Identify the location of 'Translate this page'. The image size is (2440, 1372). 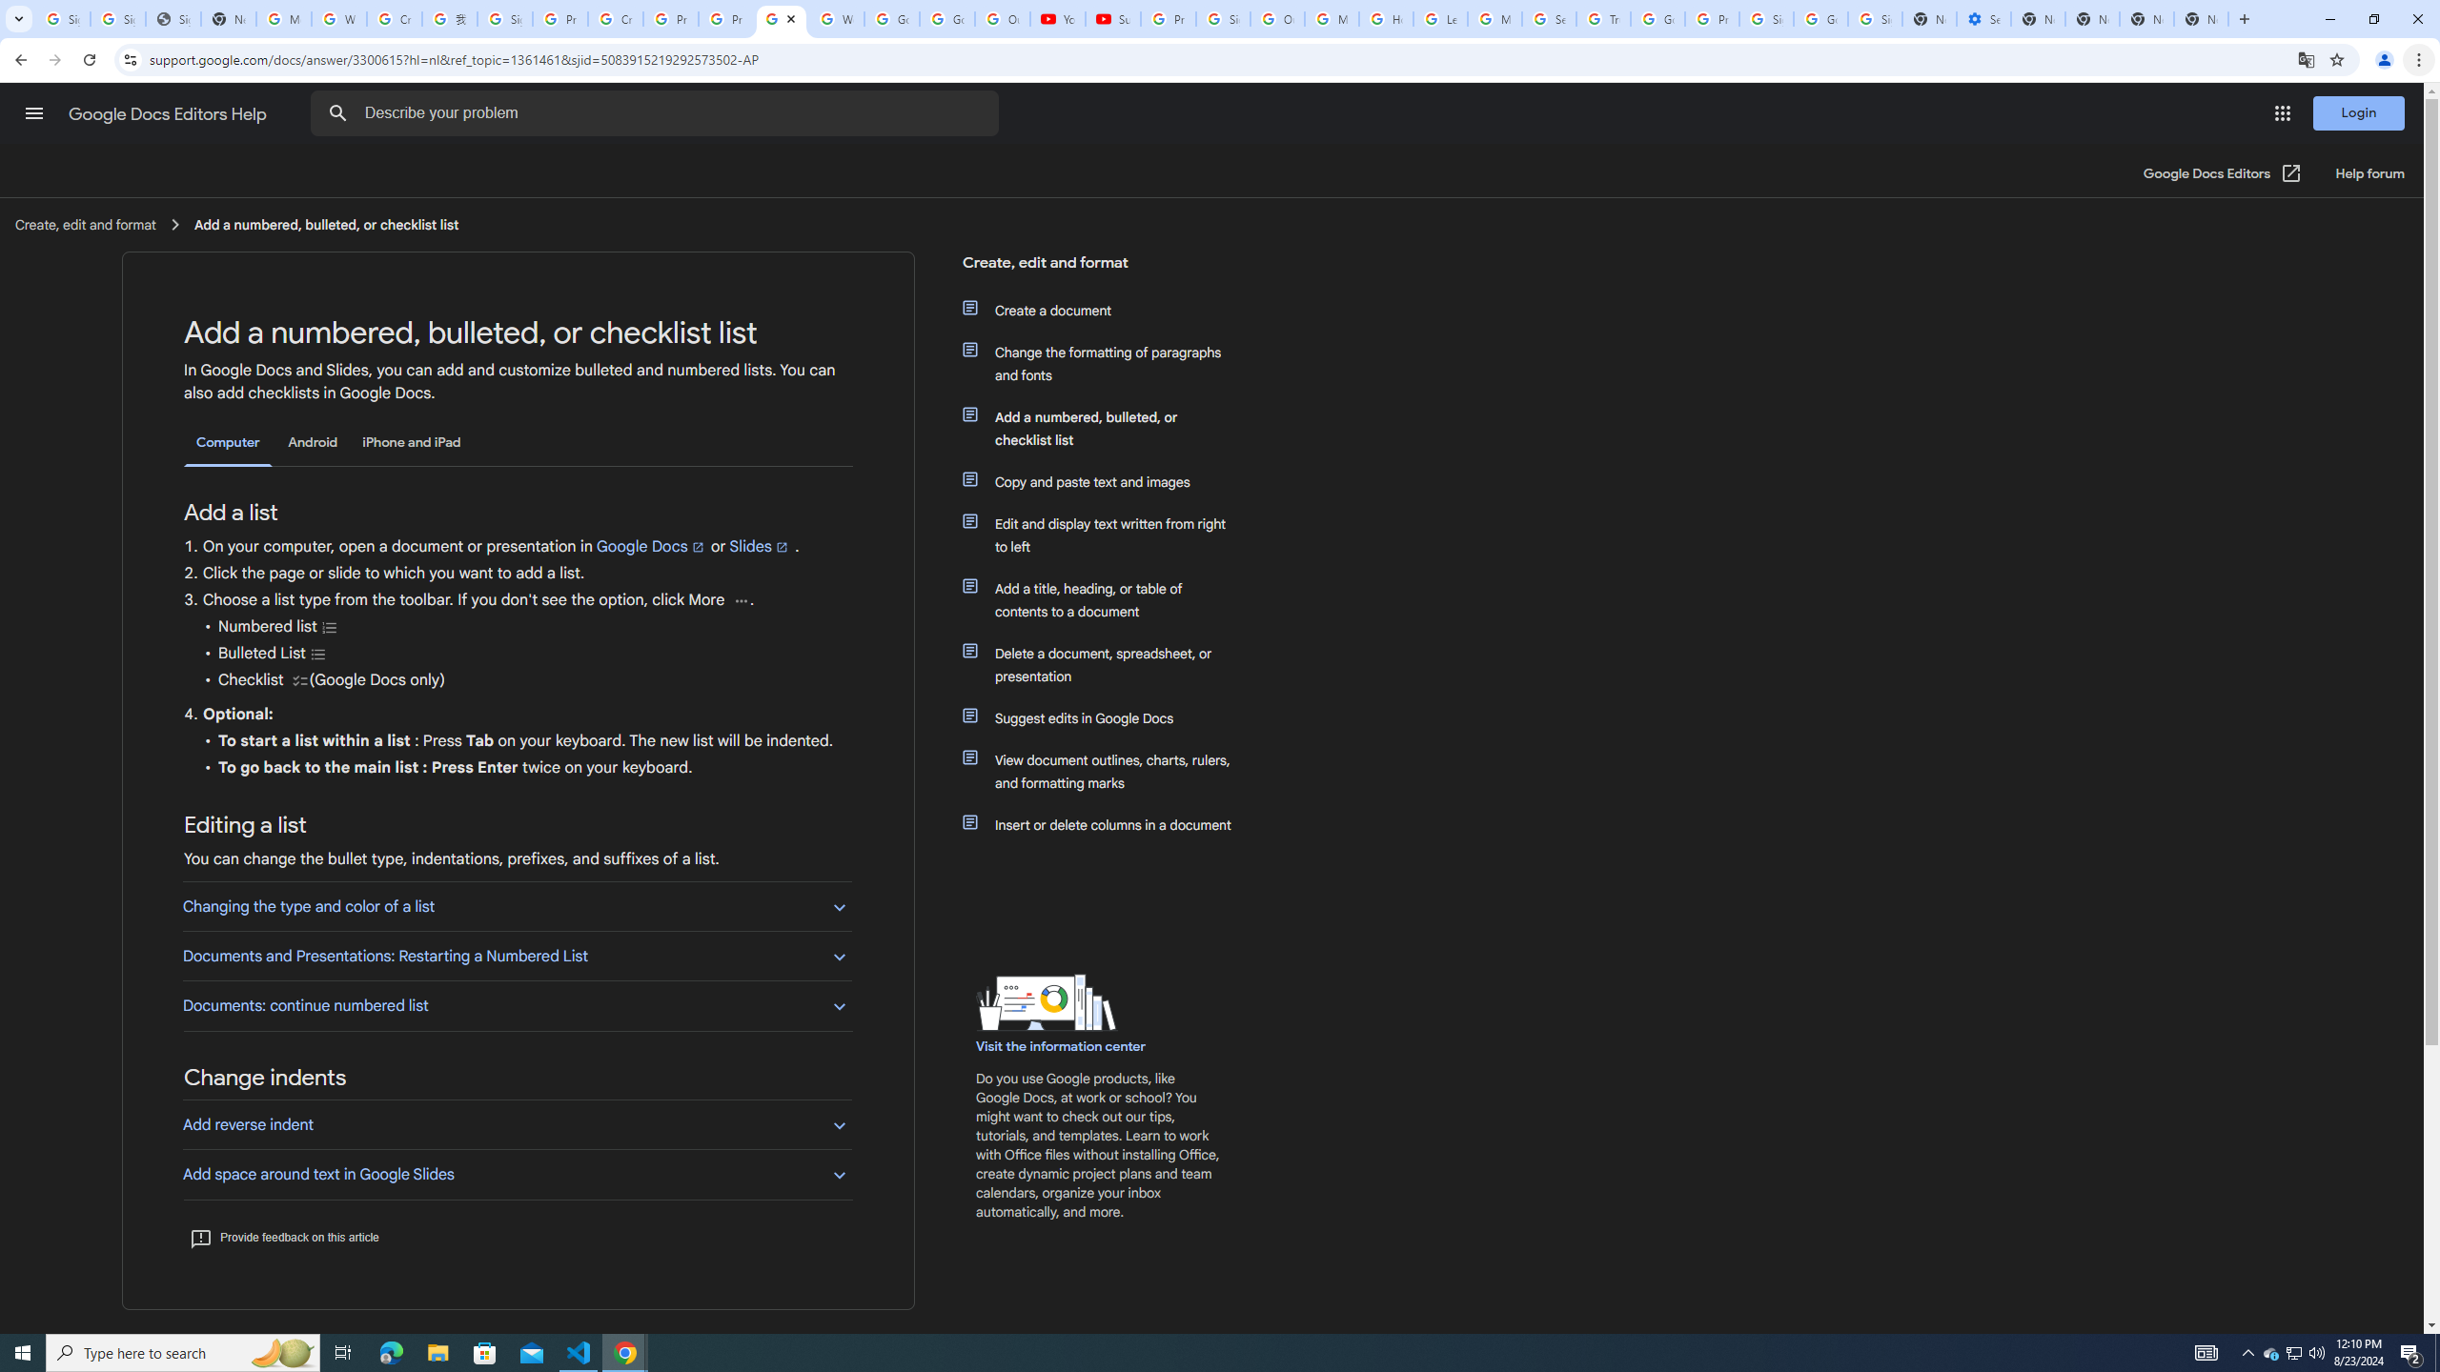
(2307, 58).